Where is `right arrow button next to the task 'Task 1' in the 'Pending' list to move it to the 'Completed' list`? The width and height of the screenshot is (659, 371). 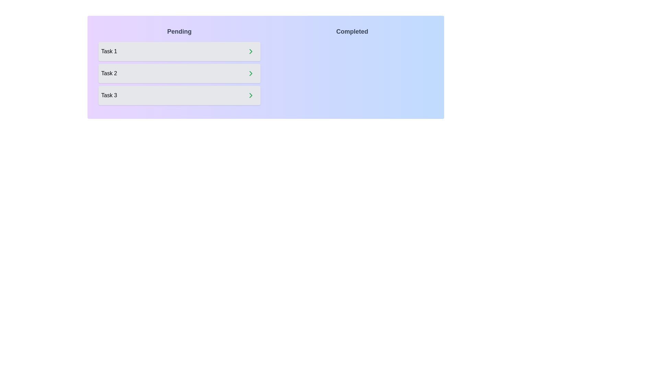 right arrow button next to the task 'Task 1' in the 'Pending' list to move it to the 'Completed' list is located at coordinates (250, 51).